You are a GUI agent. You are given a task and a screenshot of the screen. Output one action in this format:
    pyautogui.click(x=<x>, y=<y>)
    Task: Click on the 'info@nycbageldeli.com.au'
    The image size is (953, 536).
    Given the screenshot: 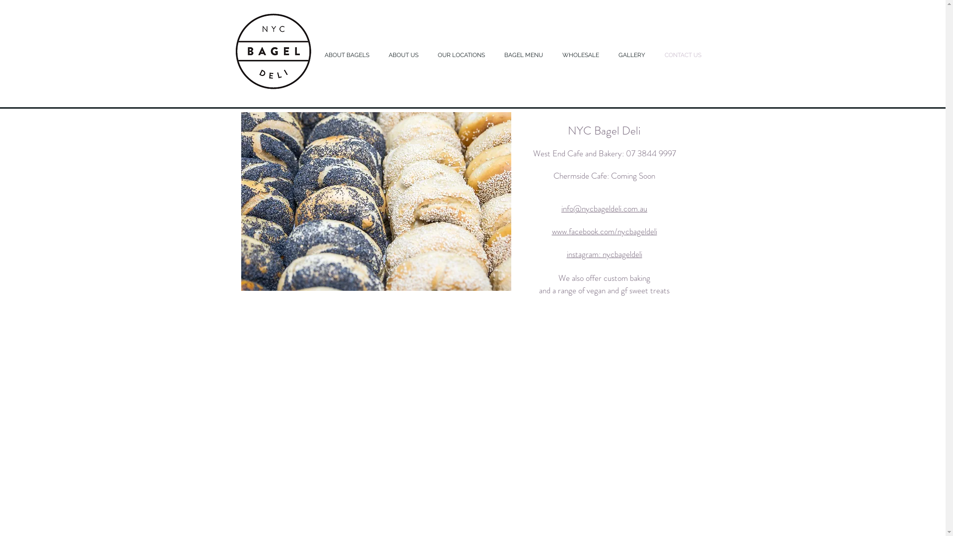 What is the action you would take?
    pyautogui.click(x=604, y=208)
    